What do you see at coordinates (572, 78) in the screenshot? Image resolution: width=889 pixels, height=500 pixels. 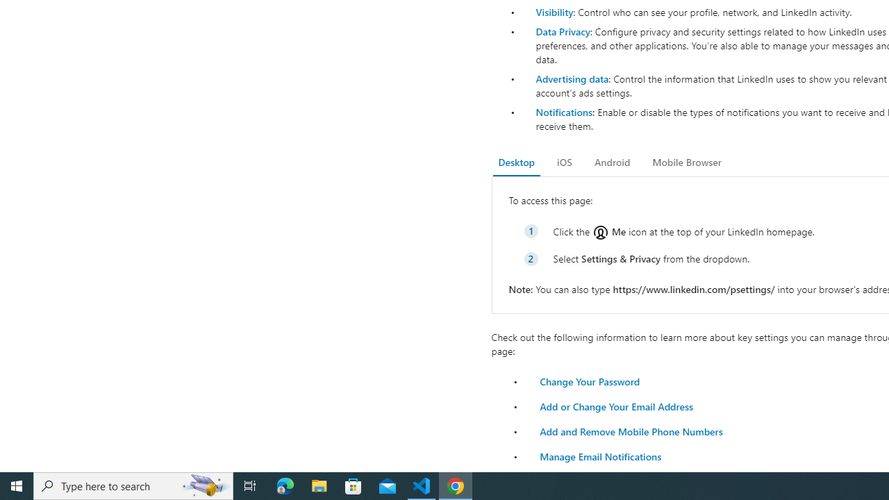 I see `'Advertising data'` at bounding box center [572, 78].